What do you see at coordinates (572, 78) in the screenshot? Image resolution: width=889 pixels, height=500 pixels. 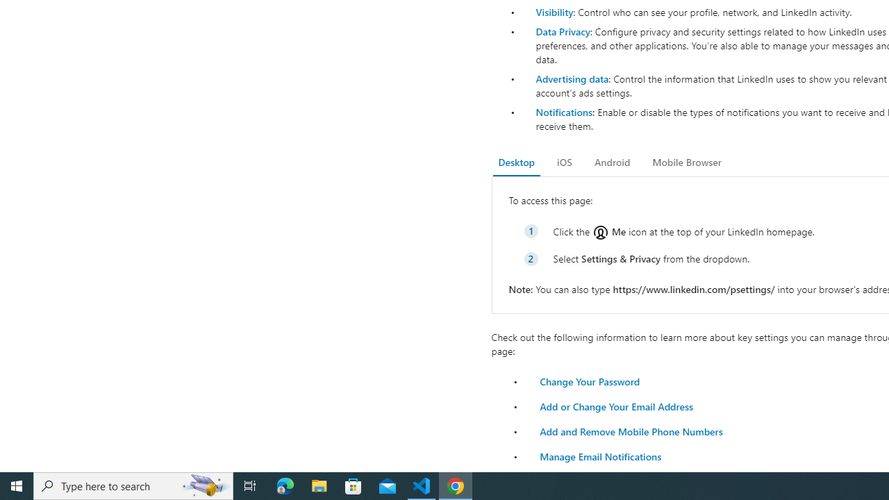 I see `'Advertising data'` at bounding box center [572, 78].